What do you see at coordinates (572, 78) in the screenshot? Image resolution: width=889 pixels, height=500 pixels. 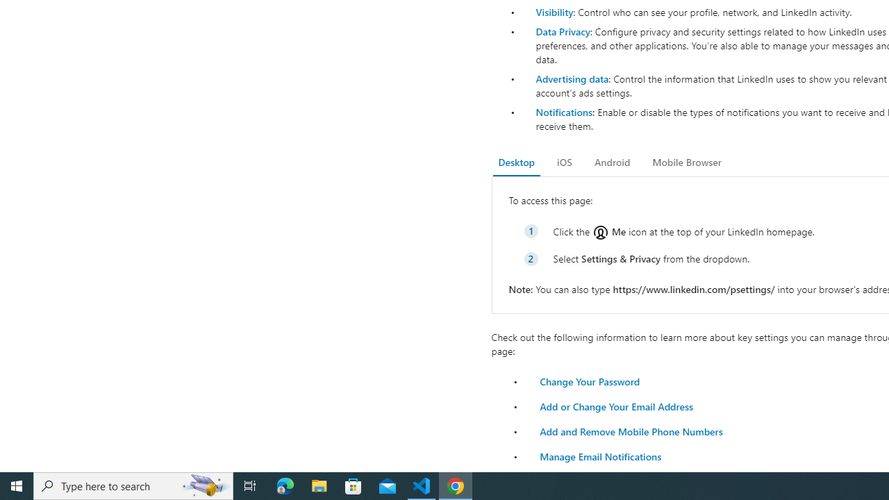 I see `'Advertising data'` at bounding box center [572, 78].